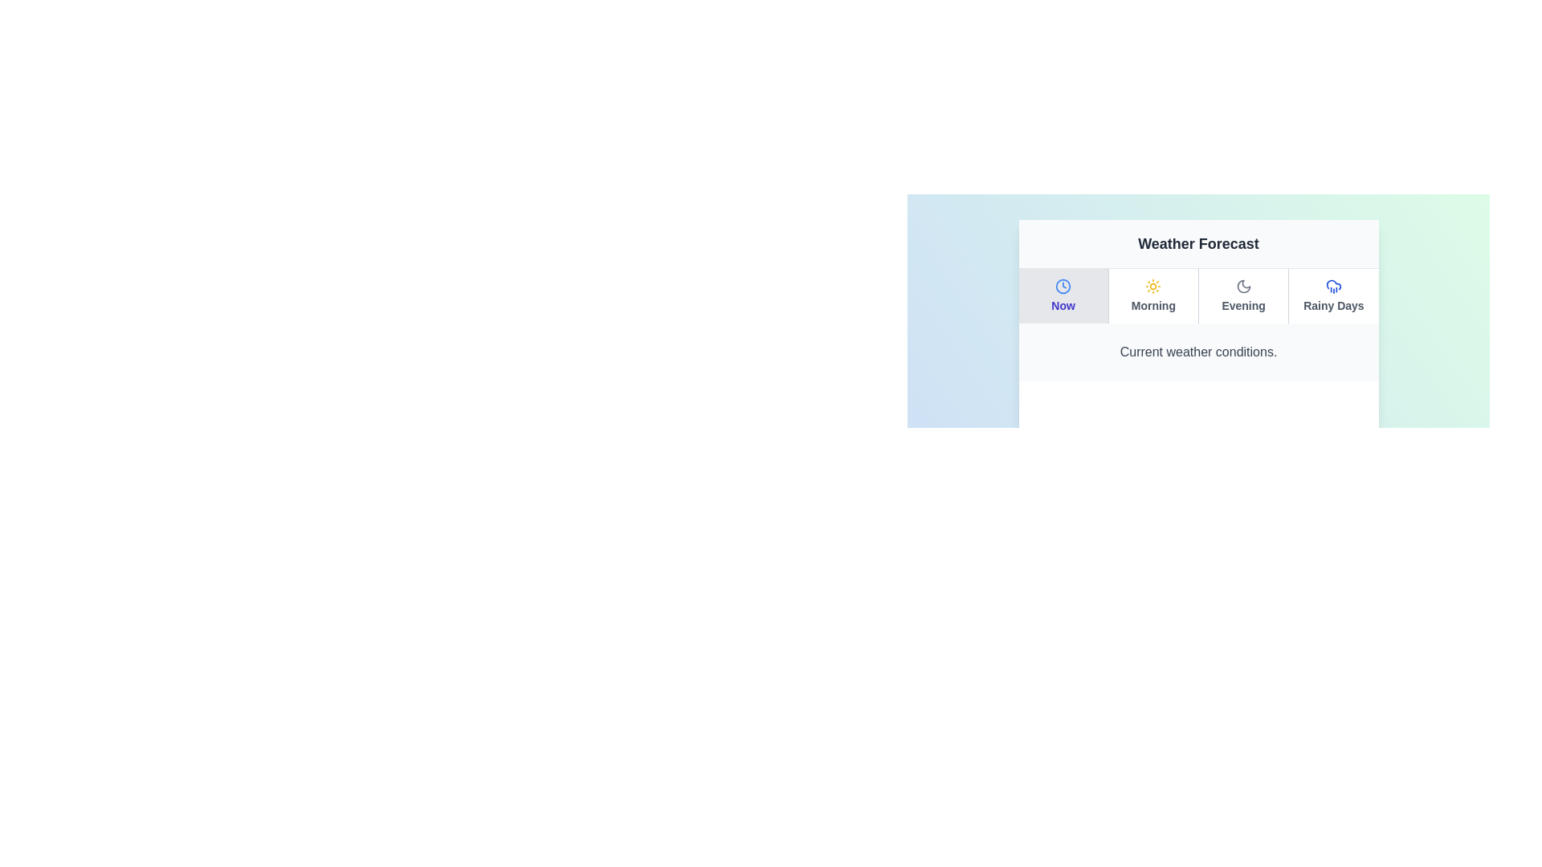 Image resolution: width=1542 pixels, height=867 pixels. I want to click on the weather forecasting section header text label, which is horizontally centered at the top of a bordered section with a light gray background, so click(1198, 244).